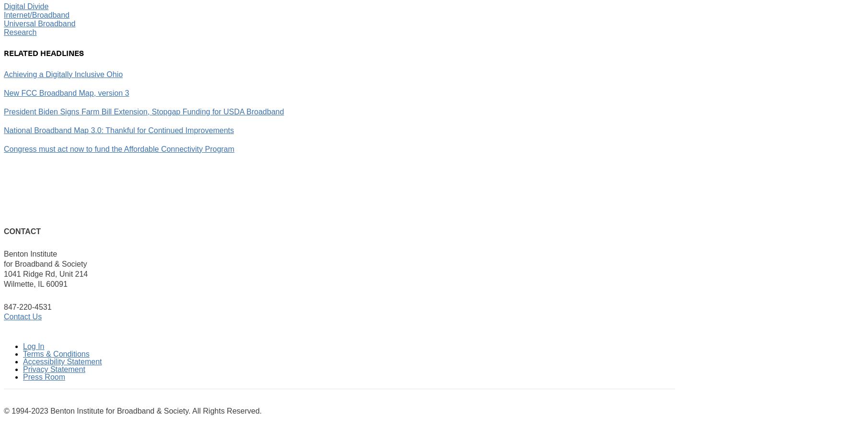 This screenshot has width=863, height=439. I want to click on 'Log In', so click(33, 346).